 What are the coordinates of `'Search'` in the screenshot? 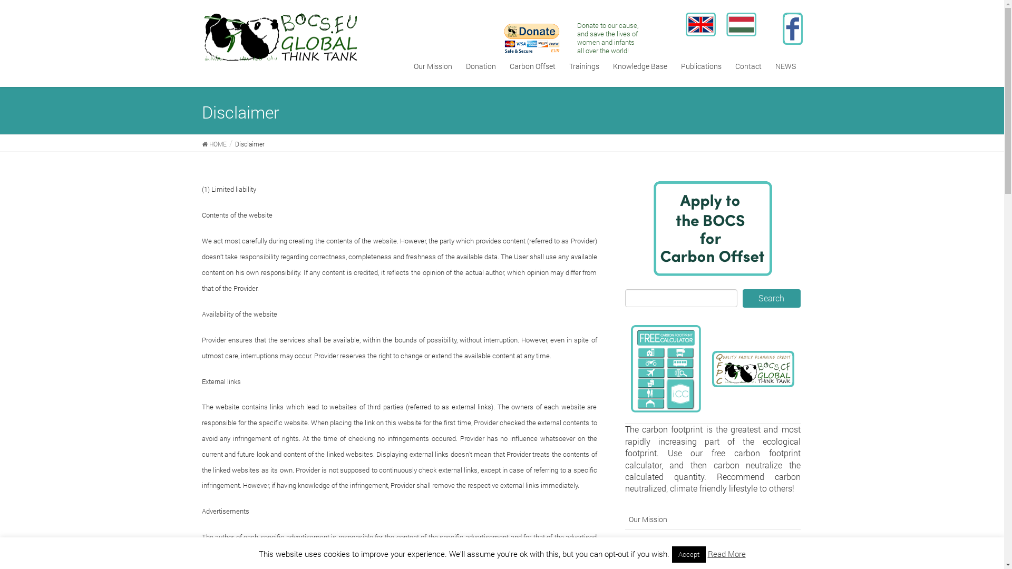 It's located at (772, 298).